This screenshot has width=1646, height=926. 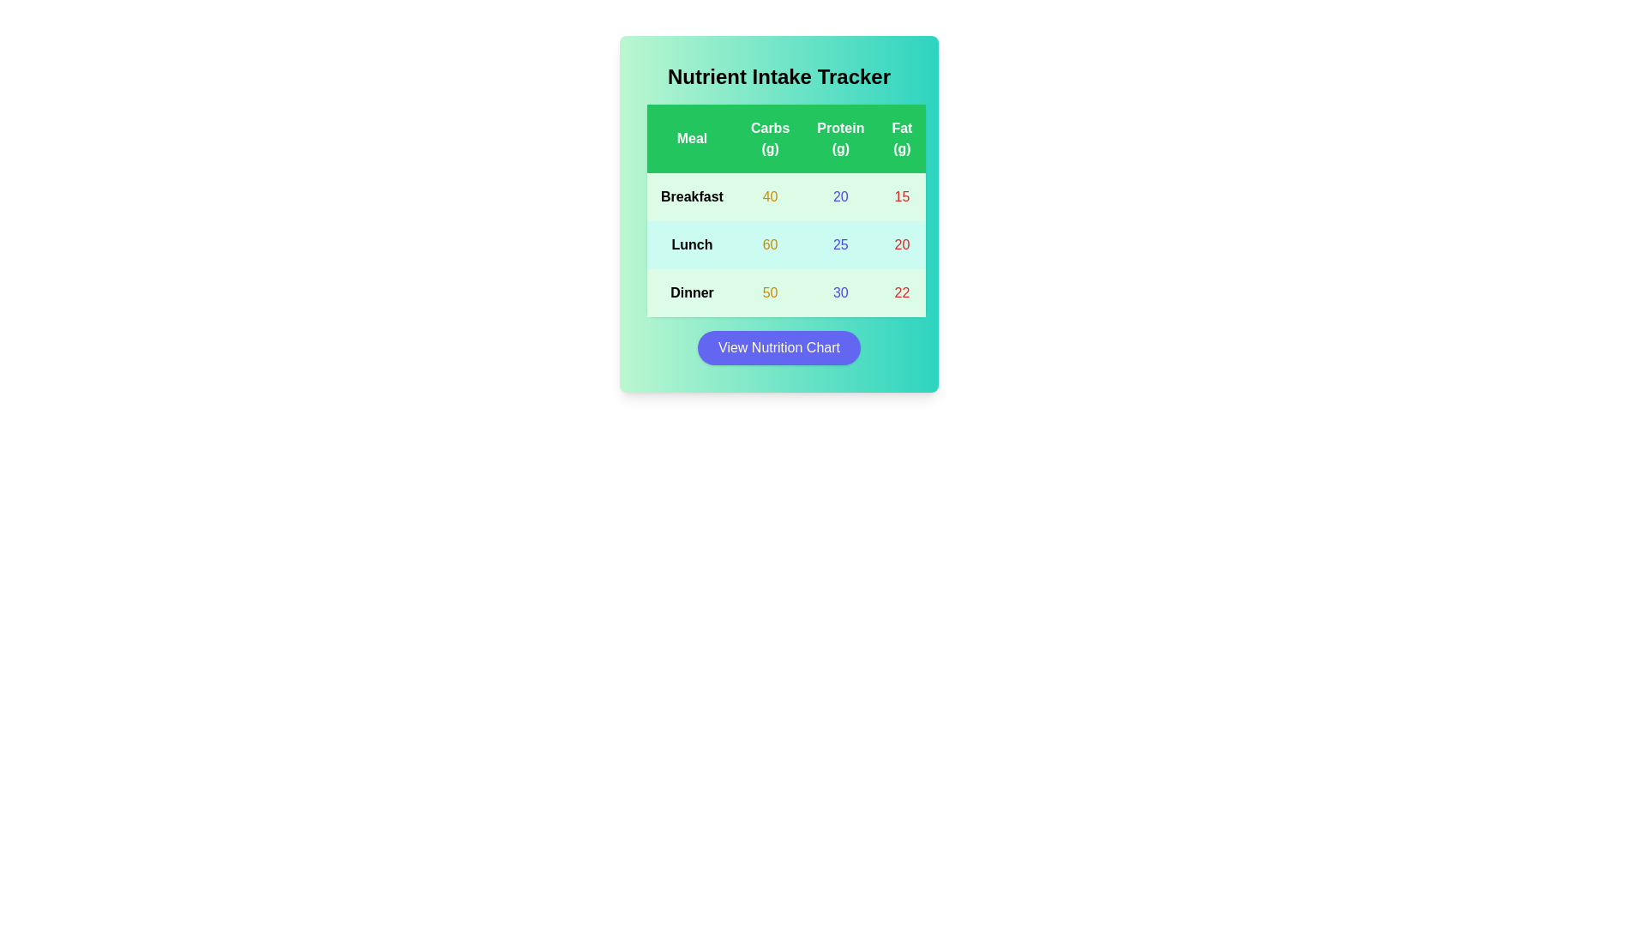 I want to click on the text of a specific row in the table by selecting Lunch, so click(x=692, y=244).